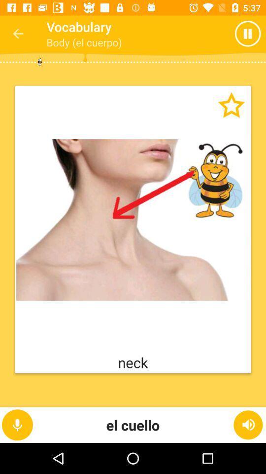 This screenshot has height=474, width=266. What do you see at coordinates (228, 34) in the screenshot?
I see `item next to body (el cuerpo)` at bounding box center [228, 34].